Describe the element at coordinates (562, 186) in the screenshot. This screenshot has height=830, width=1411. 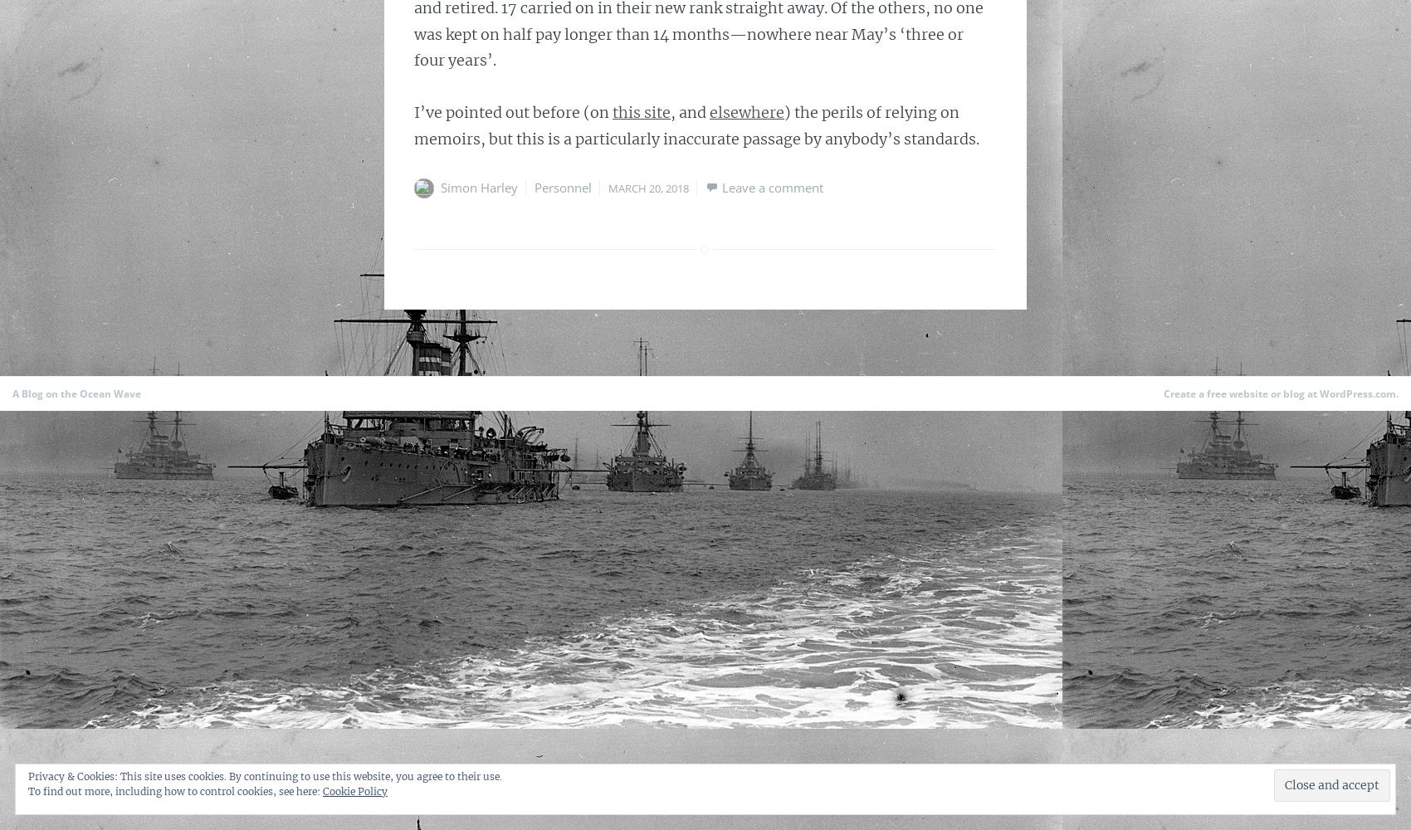
I see `'Personnel'` at that location.